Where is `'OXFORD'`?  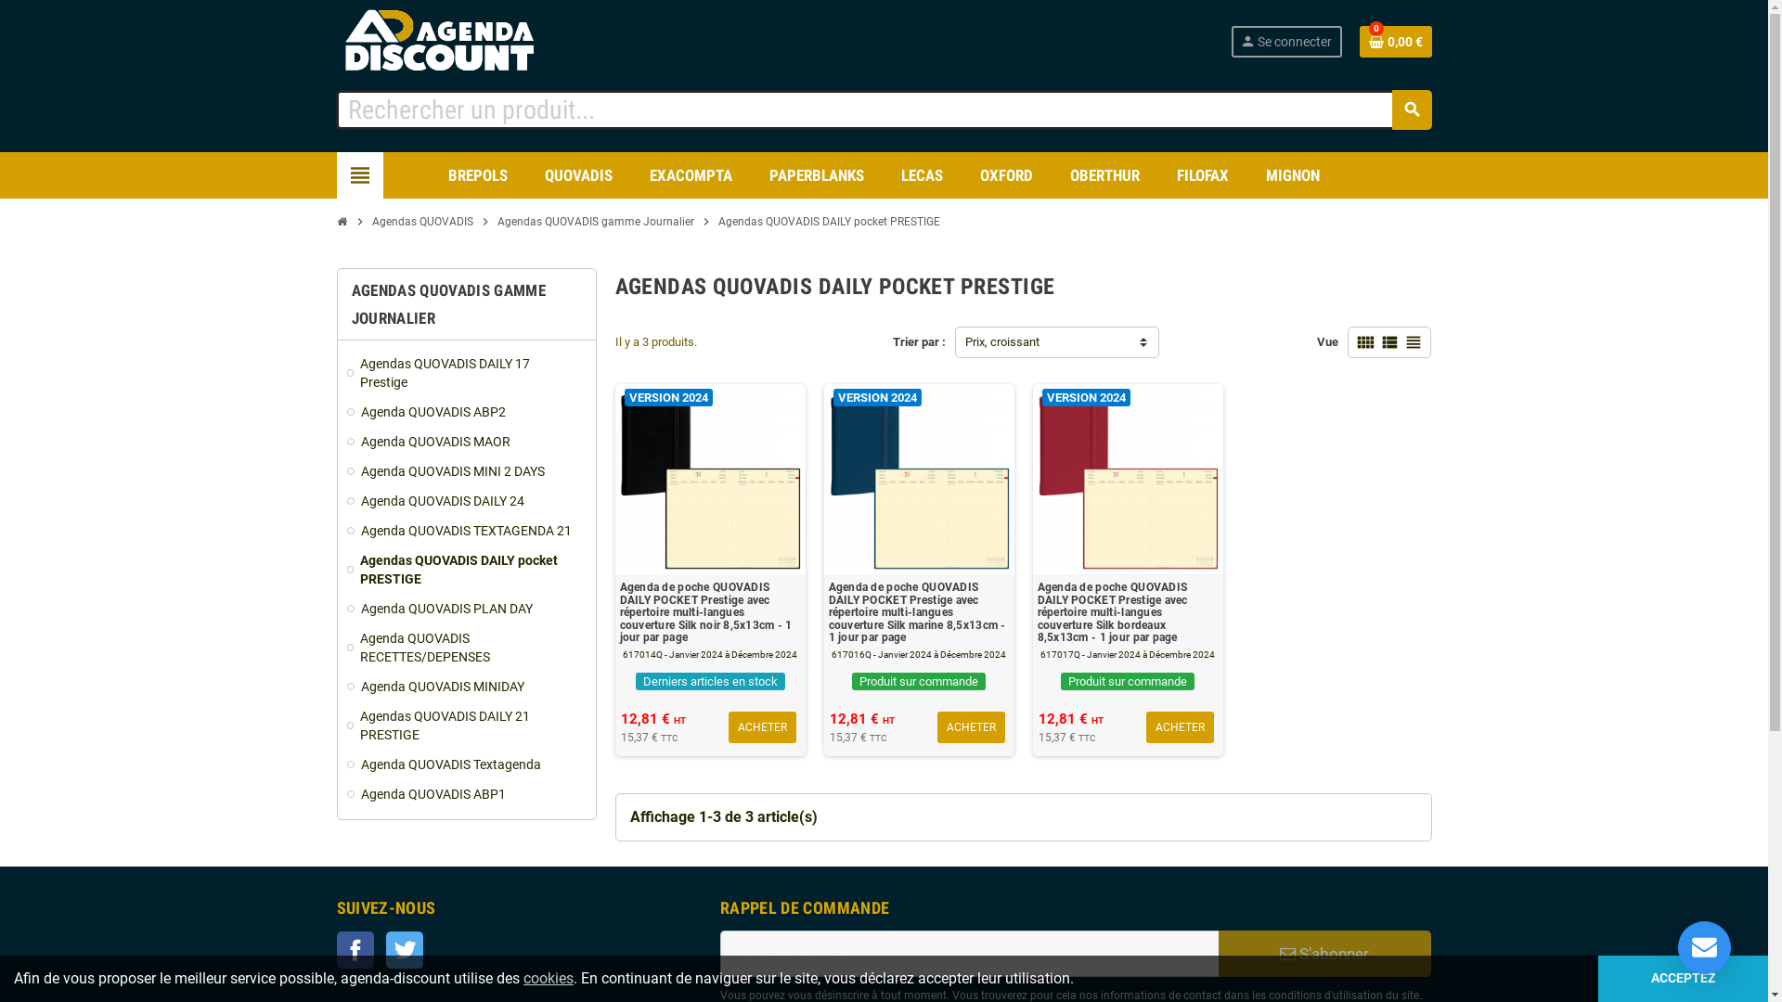
'OXFORD' is located at coordinates (1005, 175).